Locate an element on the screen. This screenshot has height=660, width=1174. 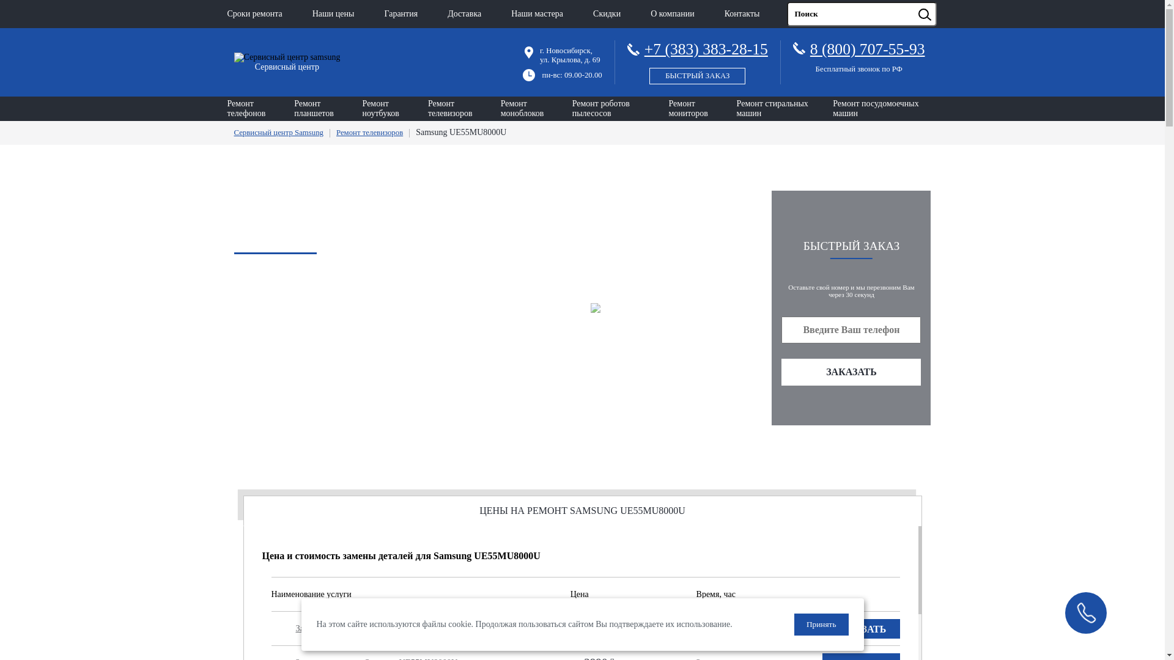
'8 (800) 707-55-93' is located at coordinates (810, 48).